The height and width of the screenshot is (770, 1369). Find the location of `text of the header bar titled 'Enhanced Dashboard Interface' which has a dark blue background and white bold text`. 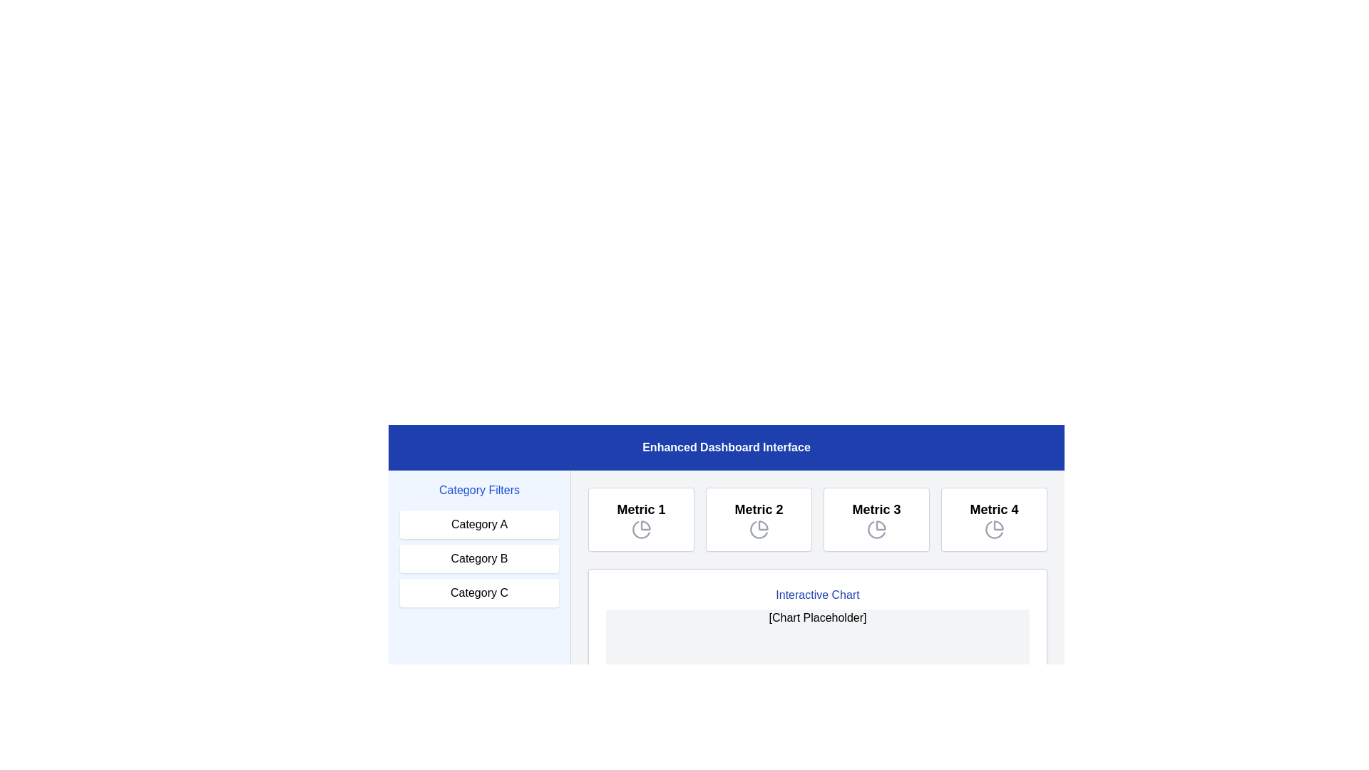

text of the header bar titled 'Enhanced Dashboard Interface' which has a dark blue background and white bold text is located at coordinates (726, 447).